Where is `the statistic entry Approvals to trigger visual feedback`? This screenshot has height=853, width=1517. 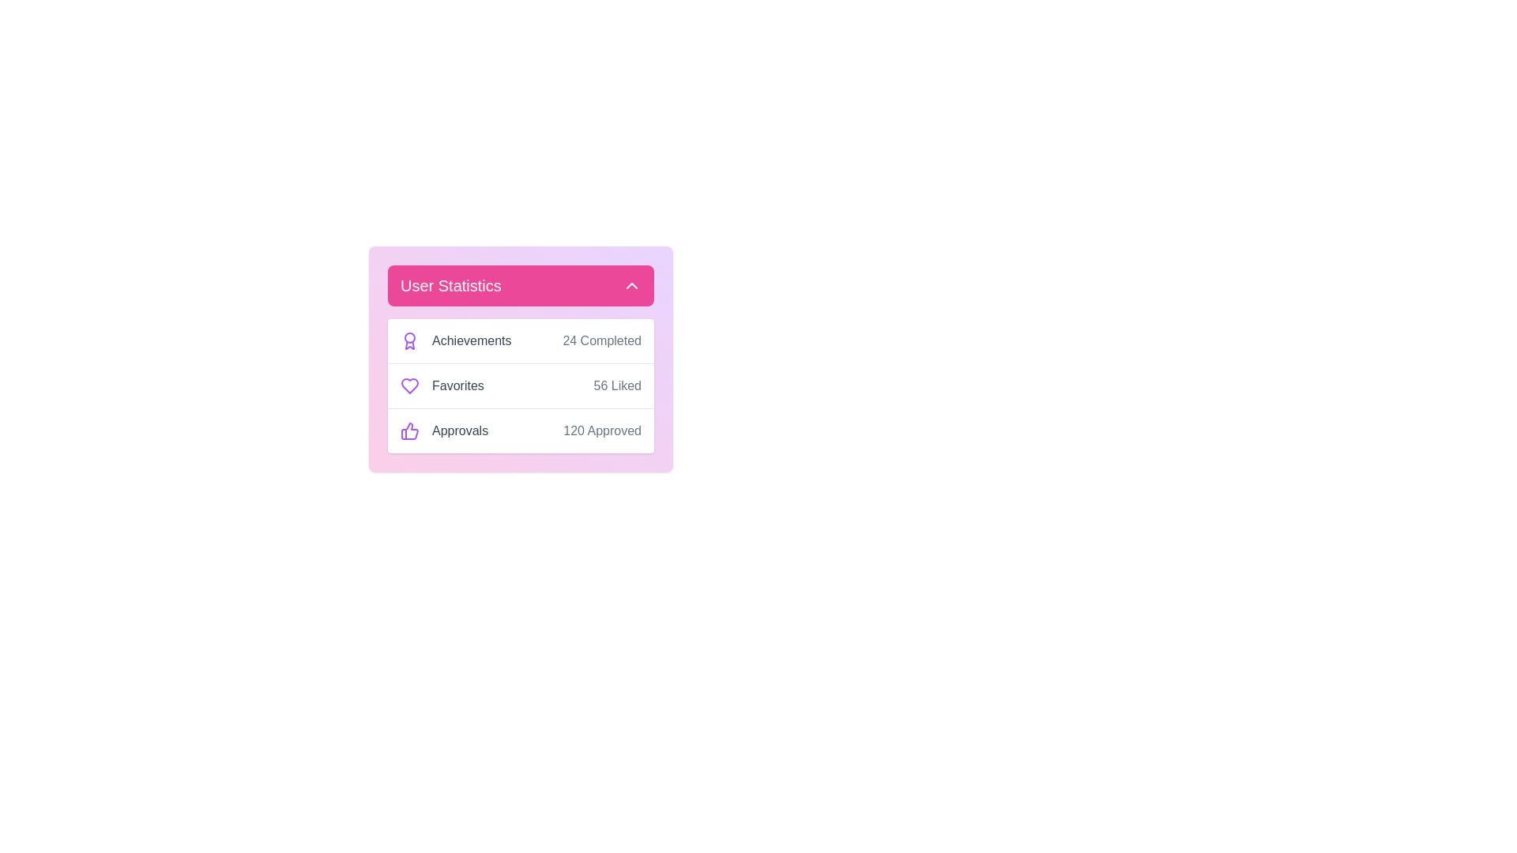 the statistic entry Approvals to trigger visual feedback is located at coordinates (449, 431).